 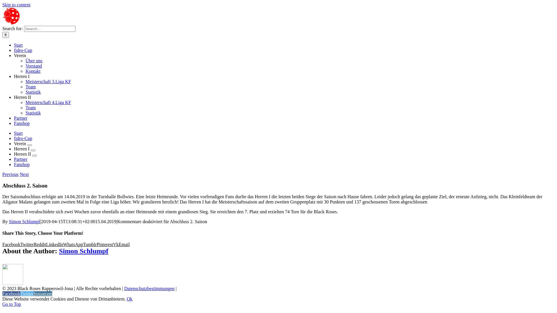 What do you see at coordinates (129, 299) in the screenshot?
I see `'Ok'` at bounding box center [129, 299].